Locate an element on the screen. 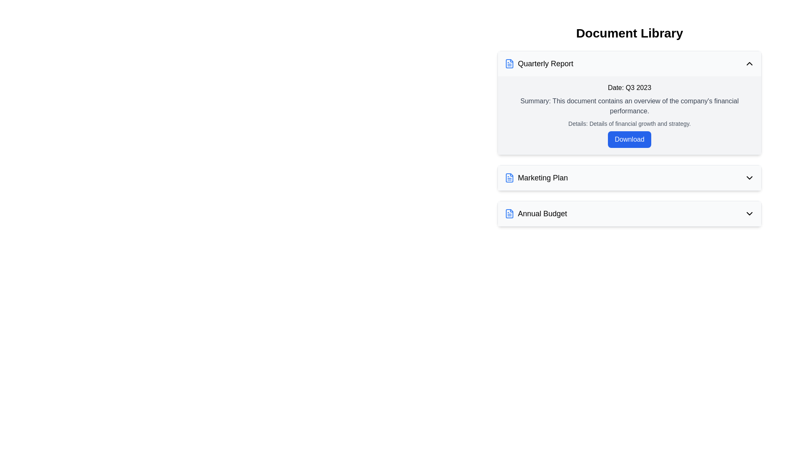 The image size is (800, 450). the Chevron-Down icon is located at coordinates (750, 177).